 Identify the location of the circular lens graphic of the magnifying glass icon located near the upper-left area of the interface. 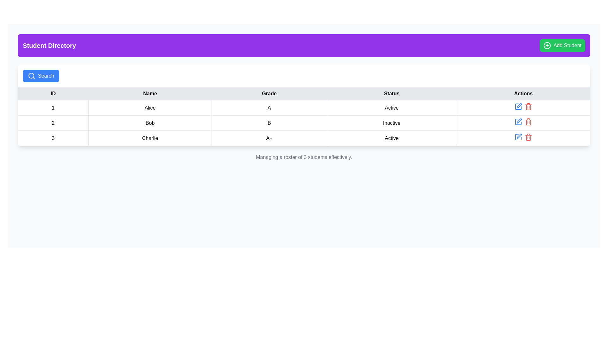
(31, 75).